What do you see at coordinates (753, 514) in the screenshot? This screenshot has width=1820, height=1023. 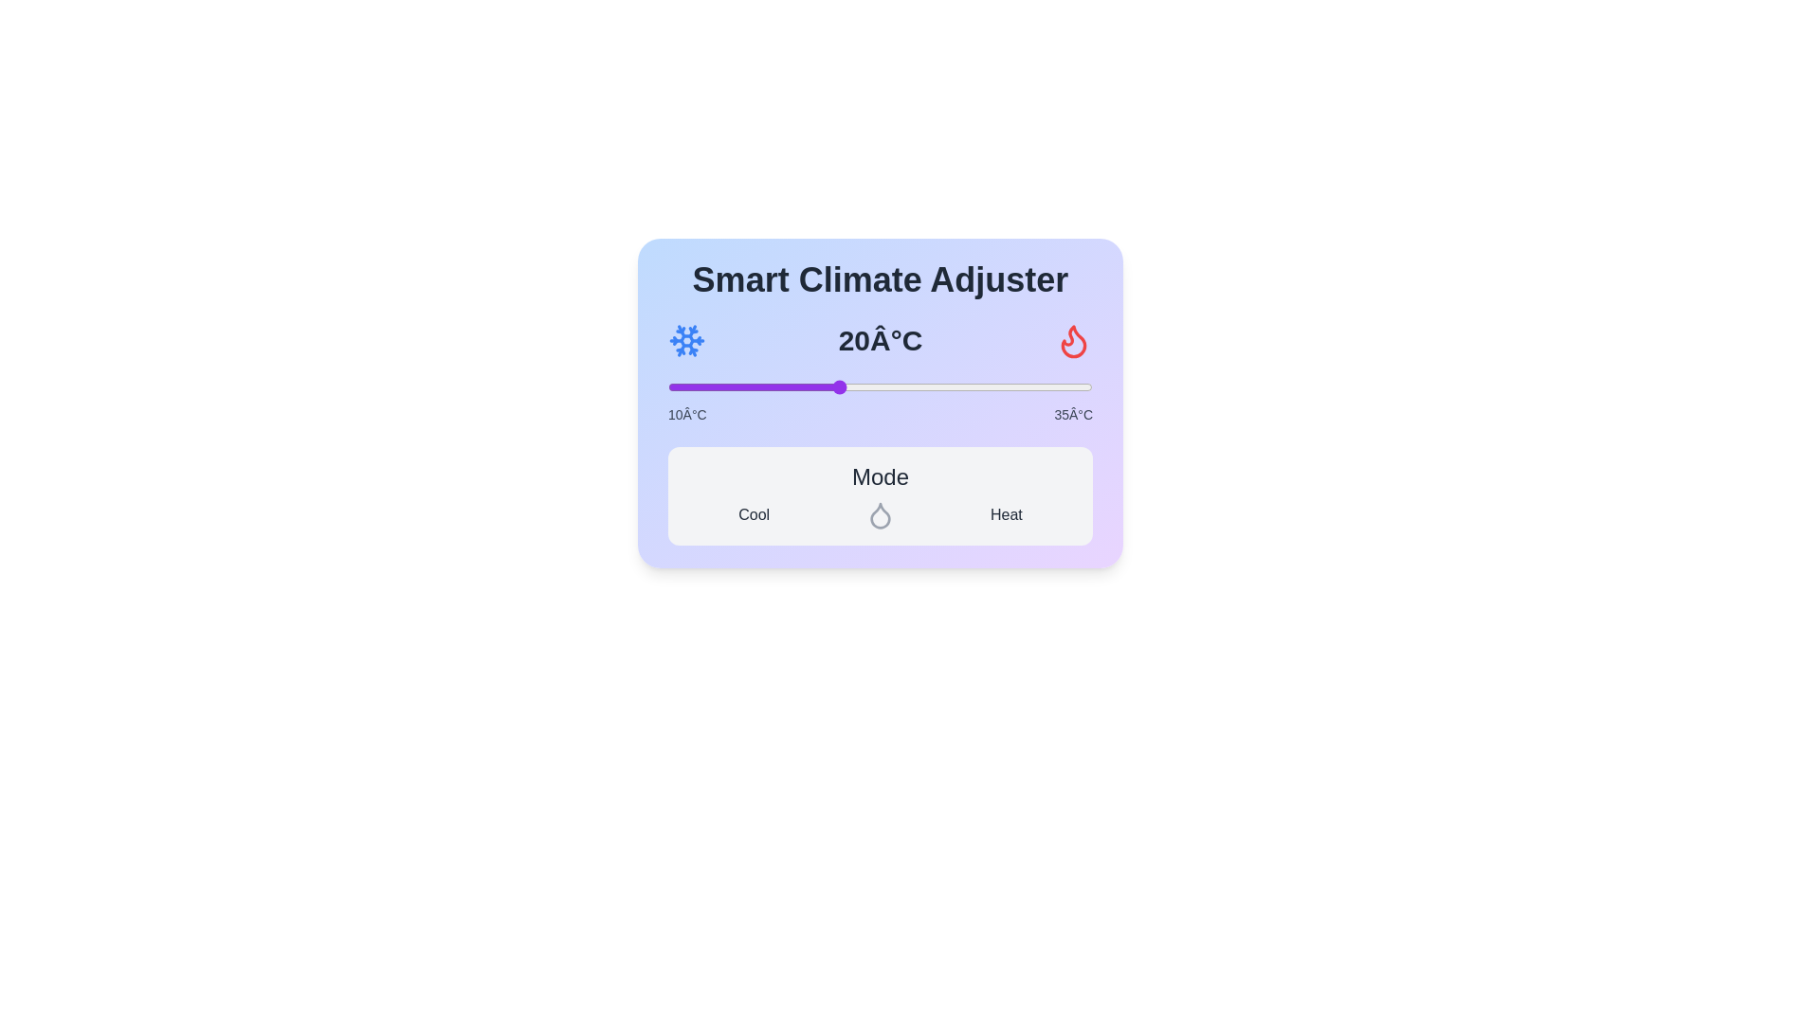 I see `the 'Cool' button to activate the cooling mode` at bounding box center [753, 514].